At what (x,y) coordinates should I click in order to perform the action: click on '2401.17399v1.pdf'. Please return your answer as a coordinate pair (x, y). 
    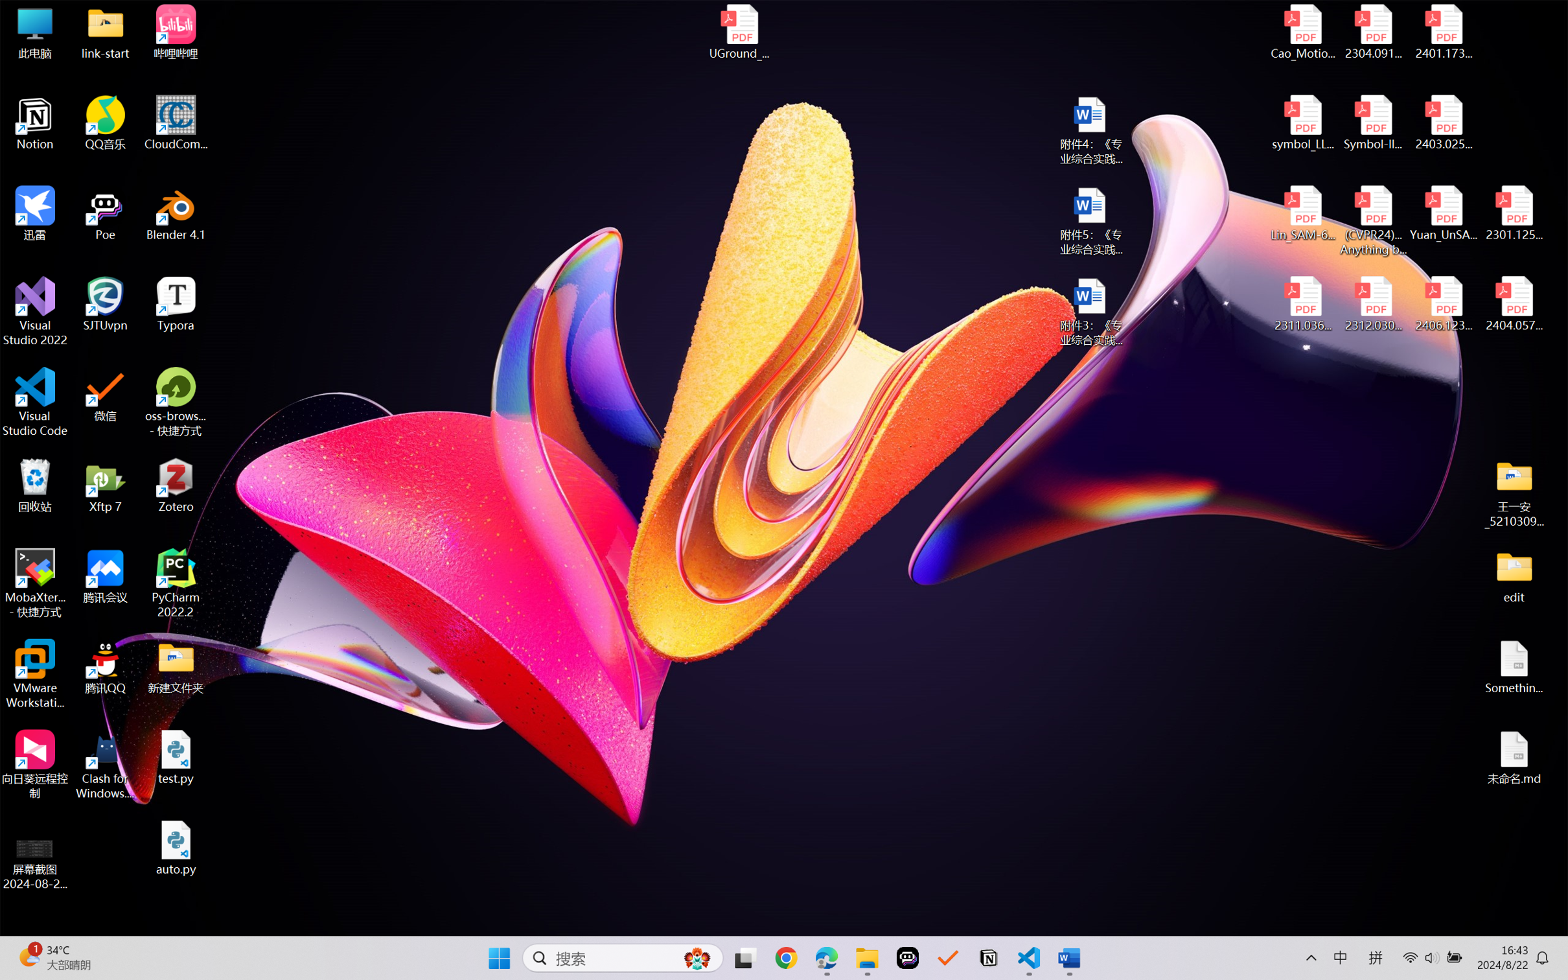
    Looking at the image, I should click on (1442, 32).